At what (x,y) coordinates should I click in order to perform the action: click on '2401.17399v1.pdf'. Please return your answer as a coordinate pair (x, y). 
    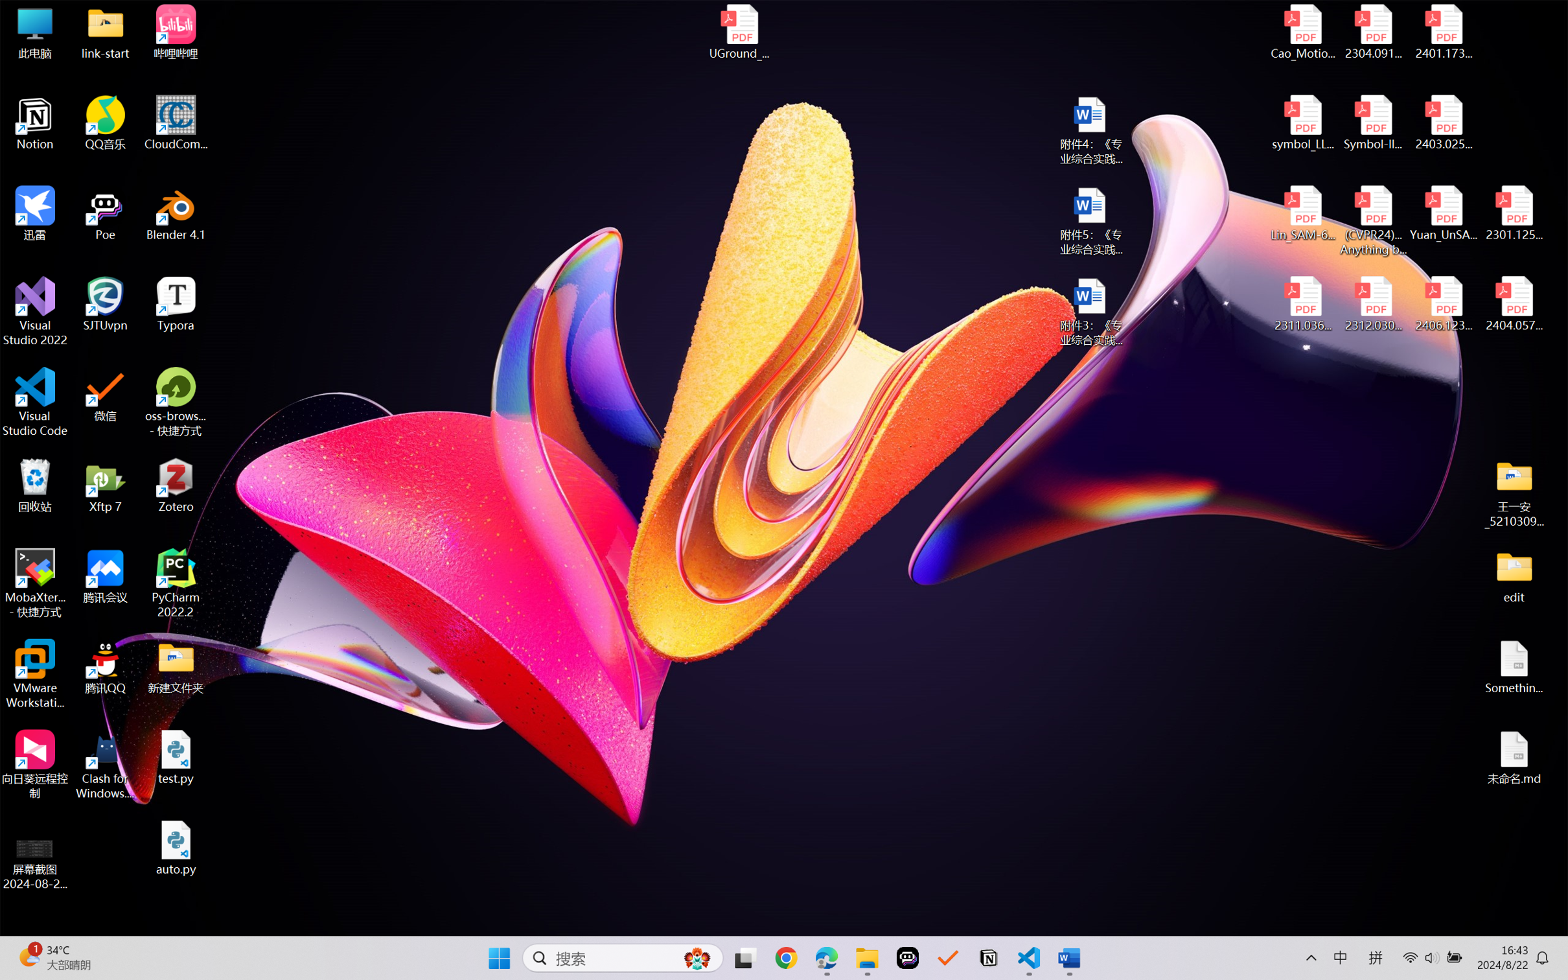
    Looking at the image, I should click on (1442, 32).